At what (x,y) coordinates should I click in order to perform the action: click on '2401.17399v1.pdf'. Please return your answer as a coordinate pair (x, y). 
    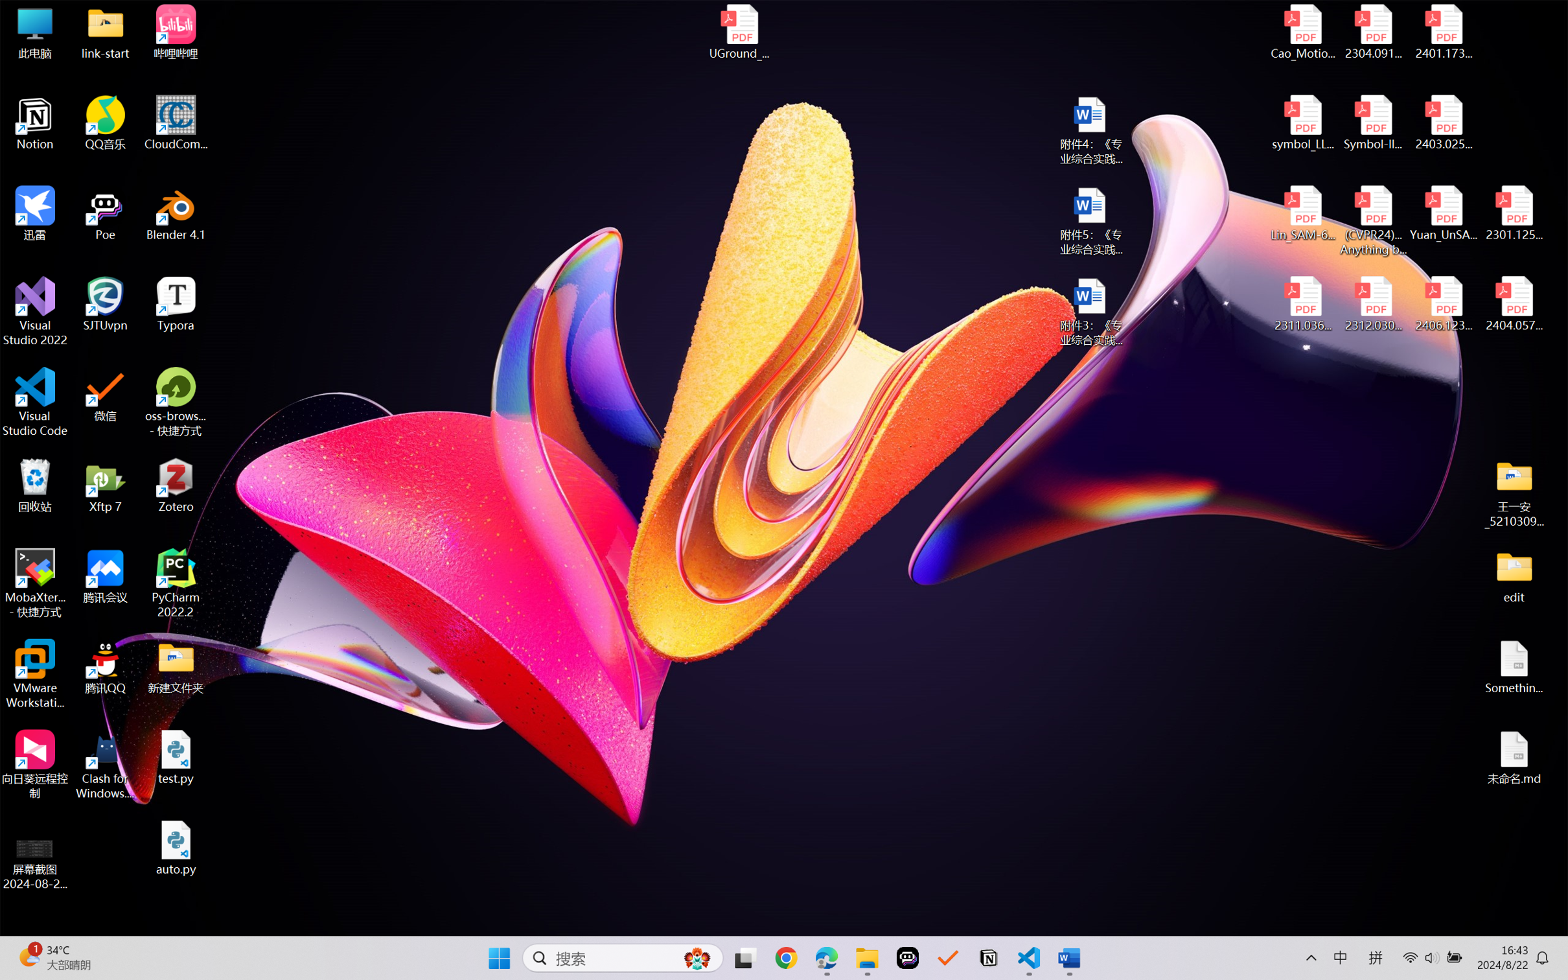
    Looking at the image, I should click on (1442, 32).